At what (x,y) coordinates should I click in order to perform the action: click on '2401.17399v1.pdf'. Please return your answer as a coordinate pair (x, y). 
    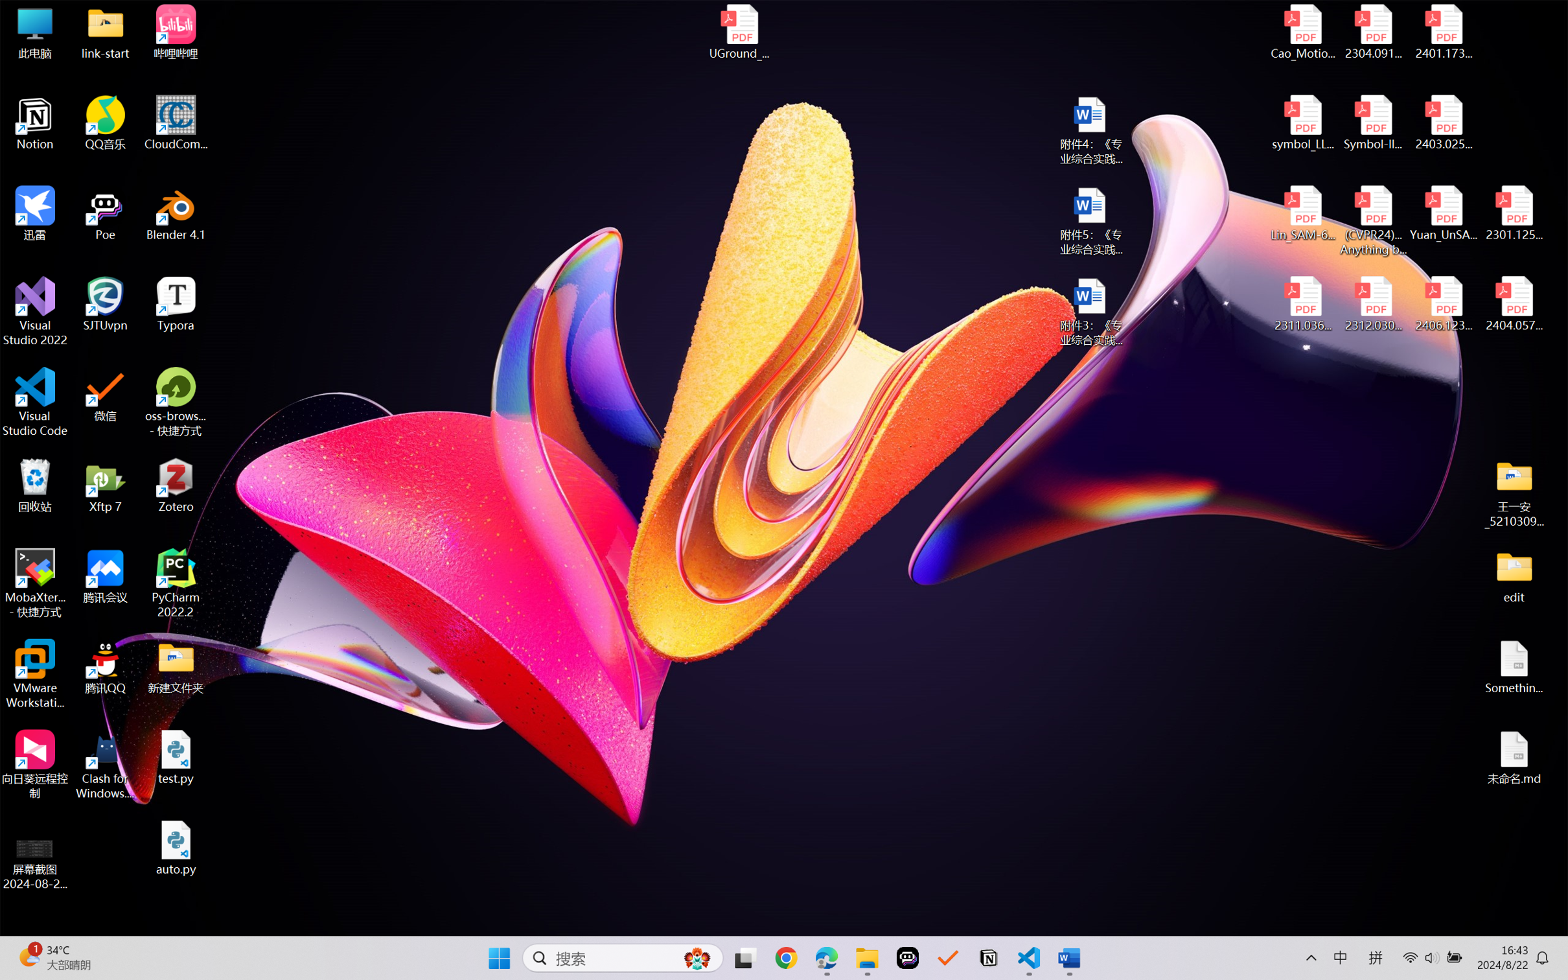
    Looking at the image, I should click on (1442, 32).